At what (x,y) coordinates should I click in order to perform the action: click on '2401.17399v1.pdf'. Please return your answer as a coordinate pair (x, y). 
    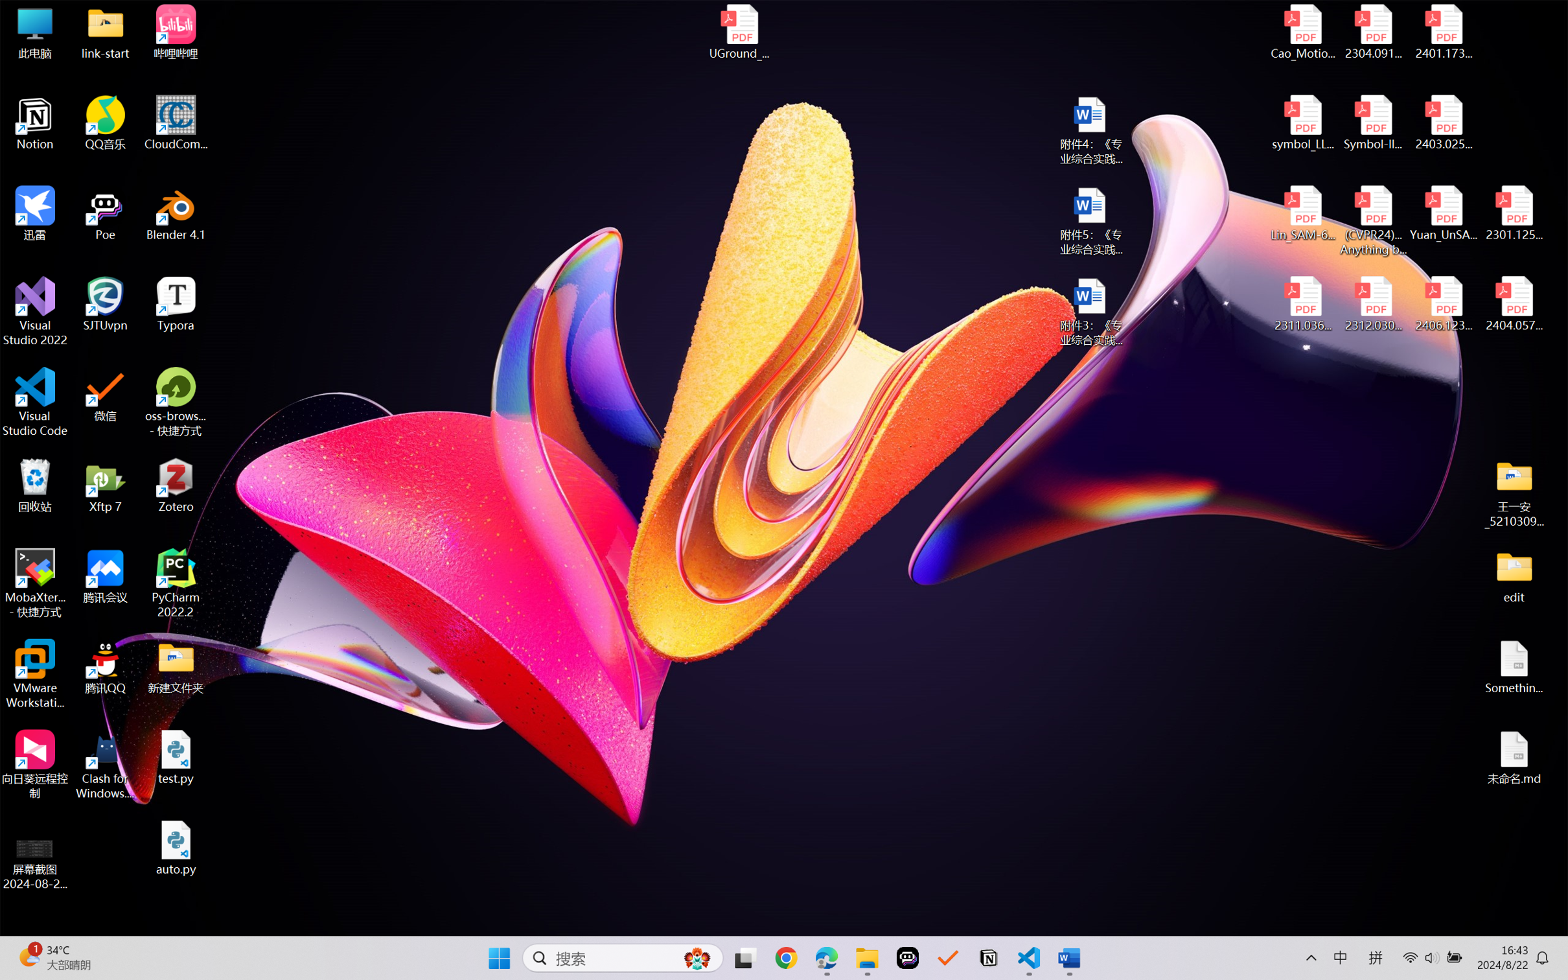
    Looking at the image, I should click on (1442, 32).